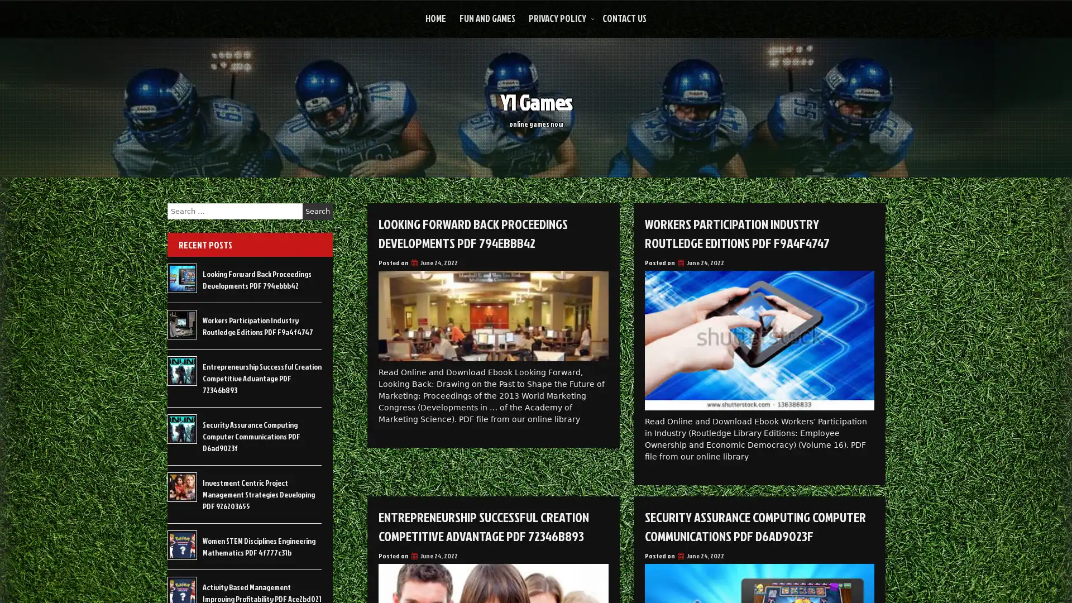 This screenshot has width=1072, height=603. Describe the element at coordinates (317, 211) in the screenshot. I see `Search` at that location.